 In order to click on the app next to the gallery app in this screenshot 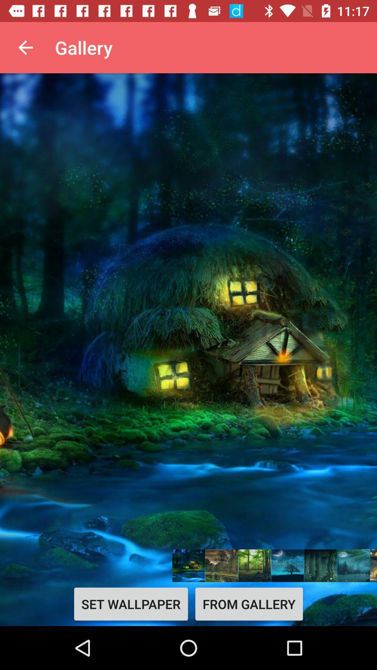, I will do `click(25, 47)`.